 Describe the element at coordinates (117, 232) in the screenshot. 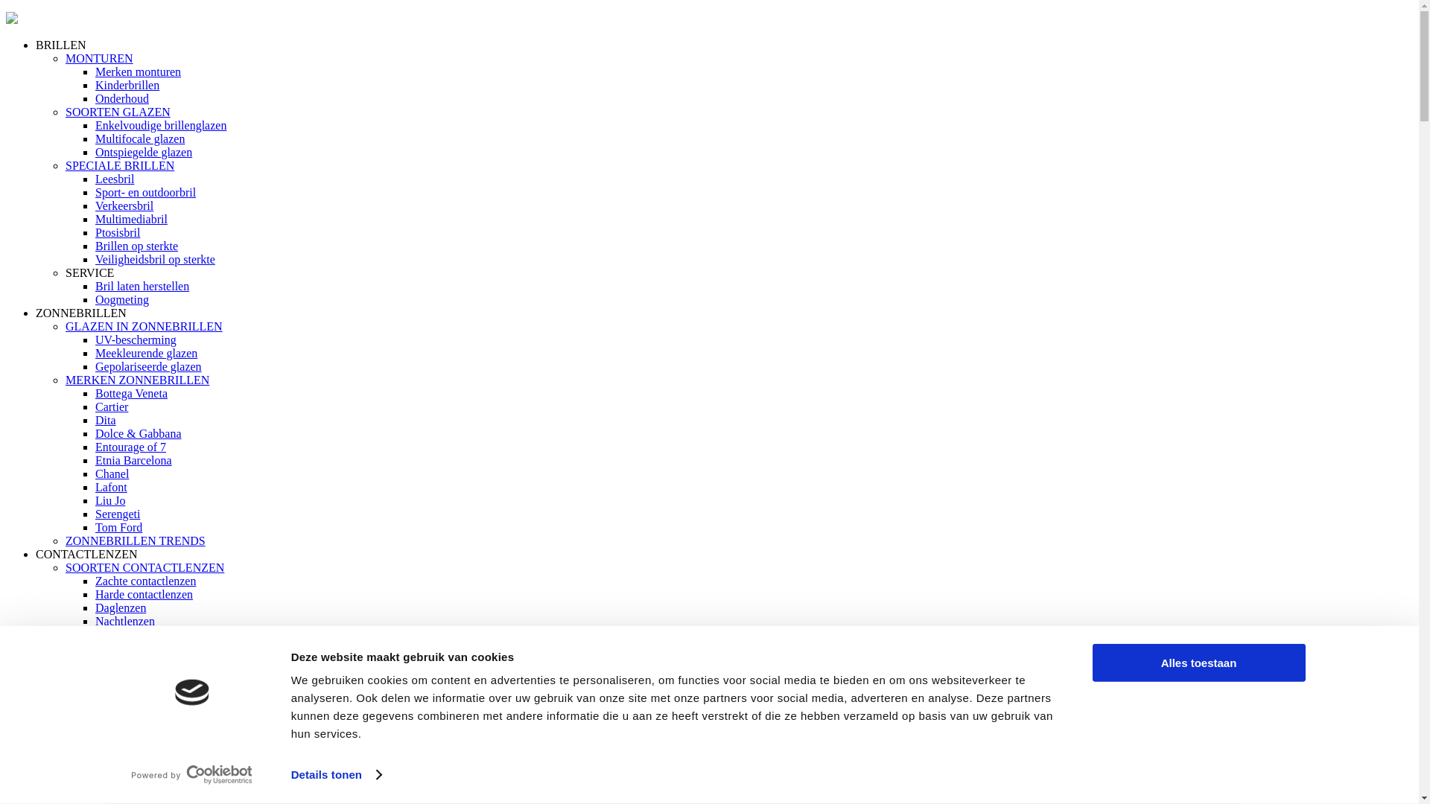

I see `'Ptosisbril'` at that location.